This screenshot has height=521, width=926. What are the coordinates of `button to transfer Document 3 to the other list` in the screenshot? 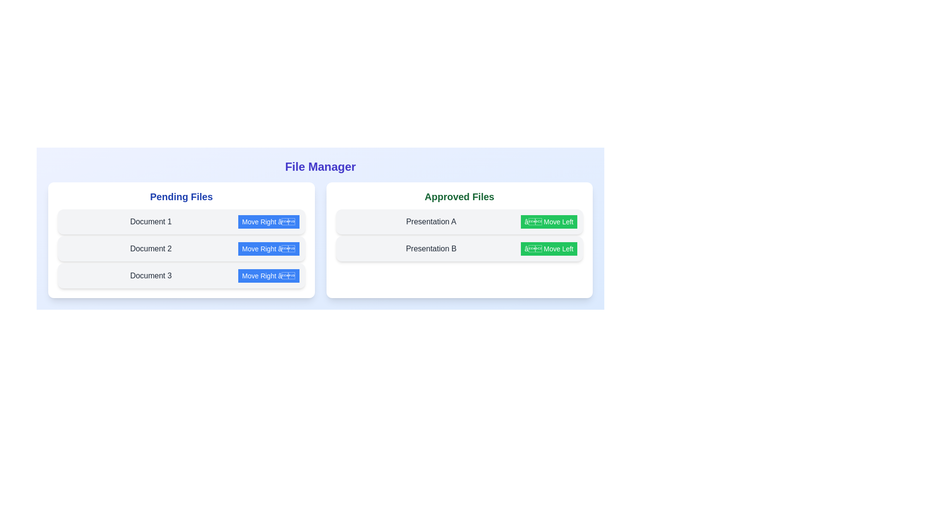 It's located at (269, 275).